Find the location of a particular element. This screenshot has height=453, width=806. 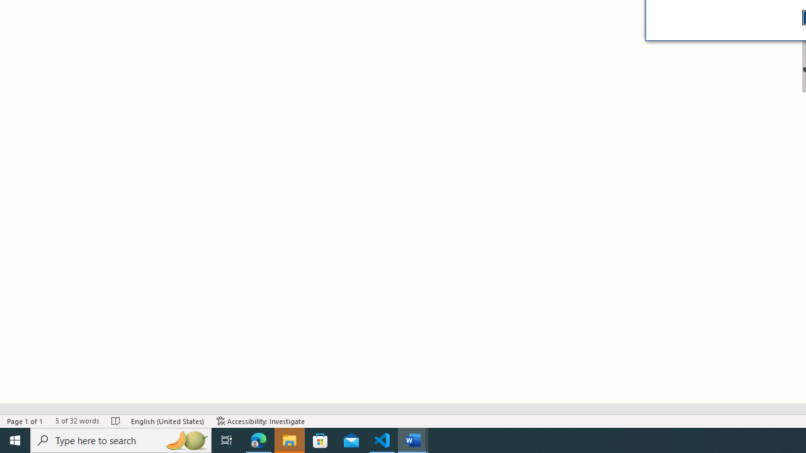

'Word Count 5 of 32 words' is located at coordinates (76, 421).